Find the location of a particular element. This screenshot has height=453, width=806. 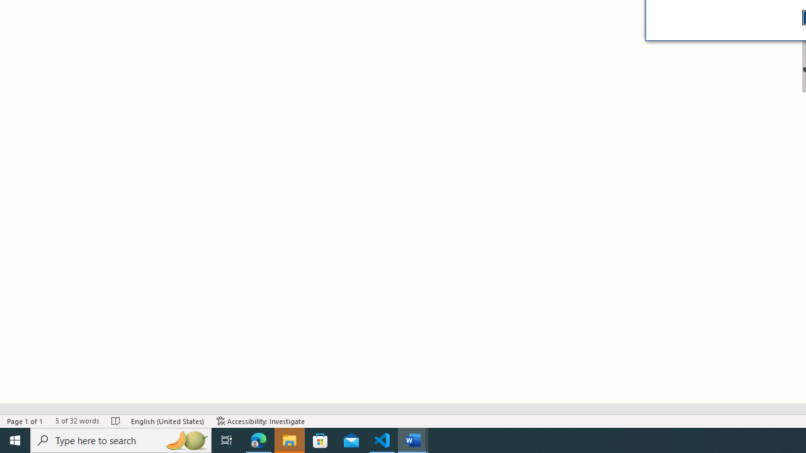

'Word Count 5 of 32 words' is located at coordinates (76, 421).